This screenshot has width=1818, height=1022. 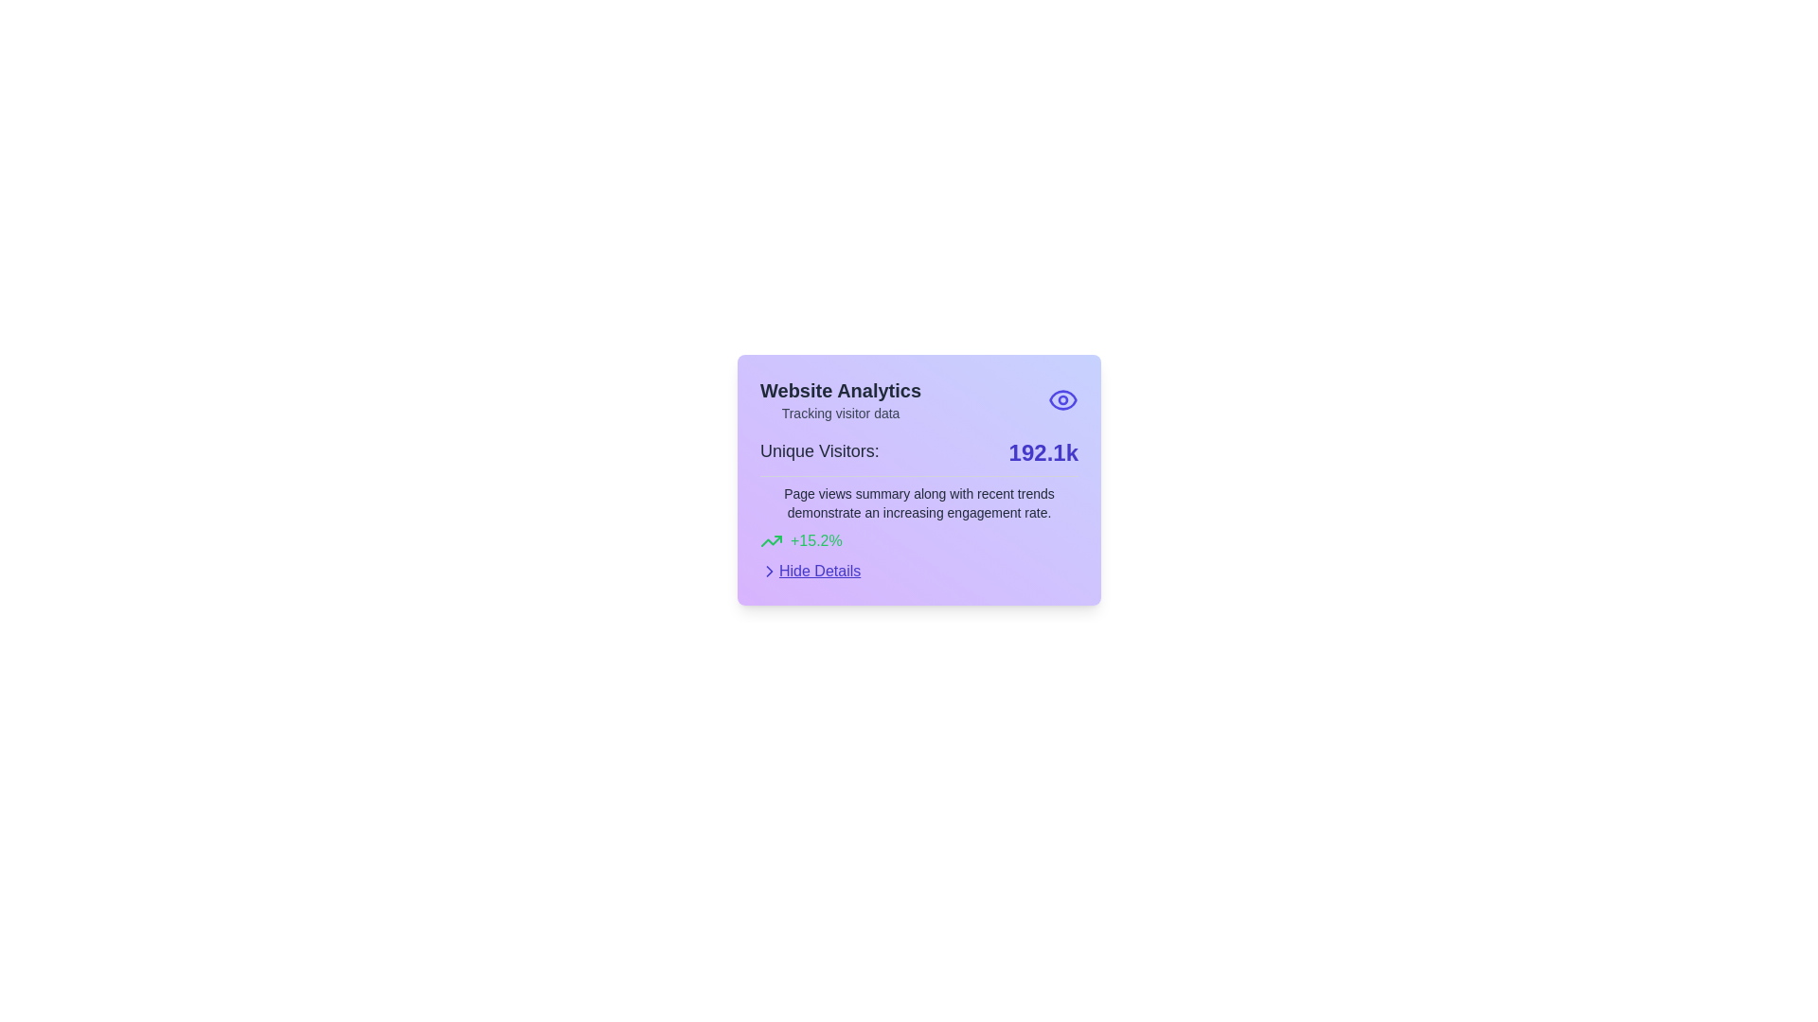 I want to click on the static text element that provides insight into page views and trends, located below the title 'Unique Visitors: 192.1k' and above the percentage '+15.2%' with a green arrow icon next to it, so click(x=918, y=502).